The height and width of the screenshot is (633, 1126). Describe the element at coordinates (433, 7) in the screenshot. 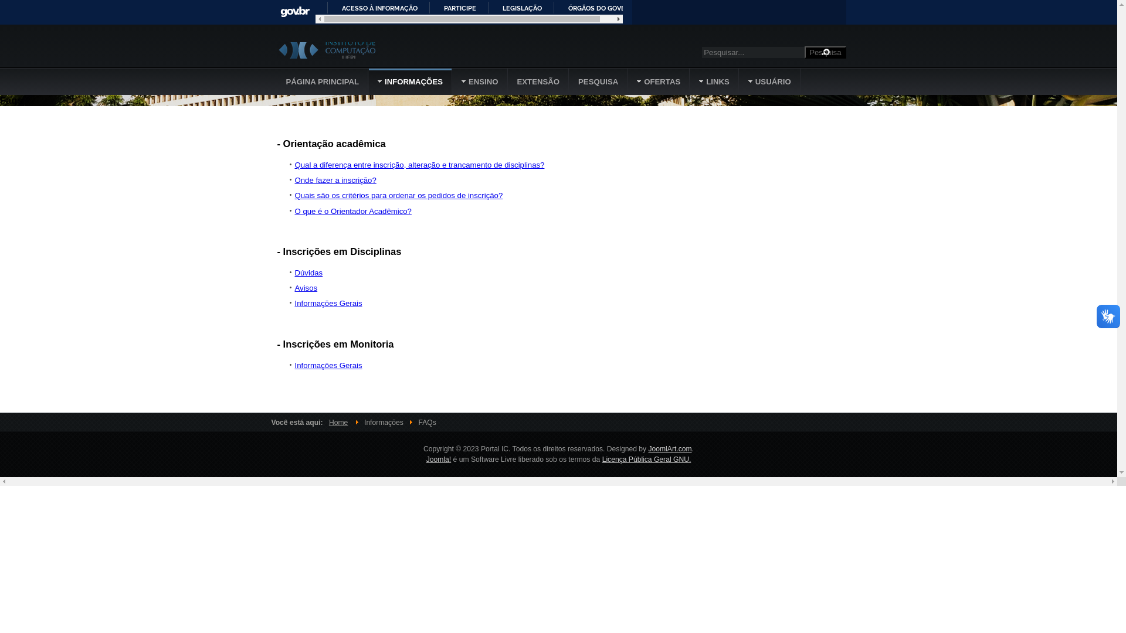

I see `'PARTICIPE'` at that location.